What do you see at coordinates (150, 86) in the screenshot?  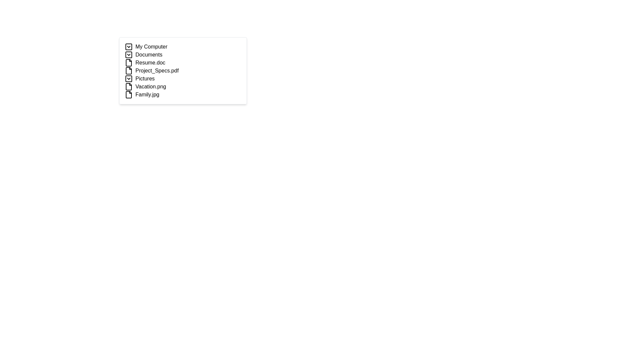 I see `the text label "Vacation.png" which is the fourth entry` at bounding box center [150, 86].